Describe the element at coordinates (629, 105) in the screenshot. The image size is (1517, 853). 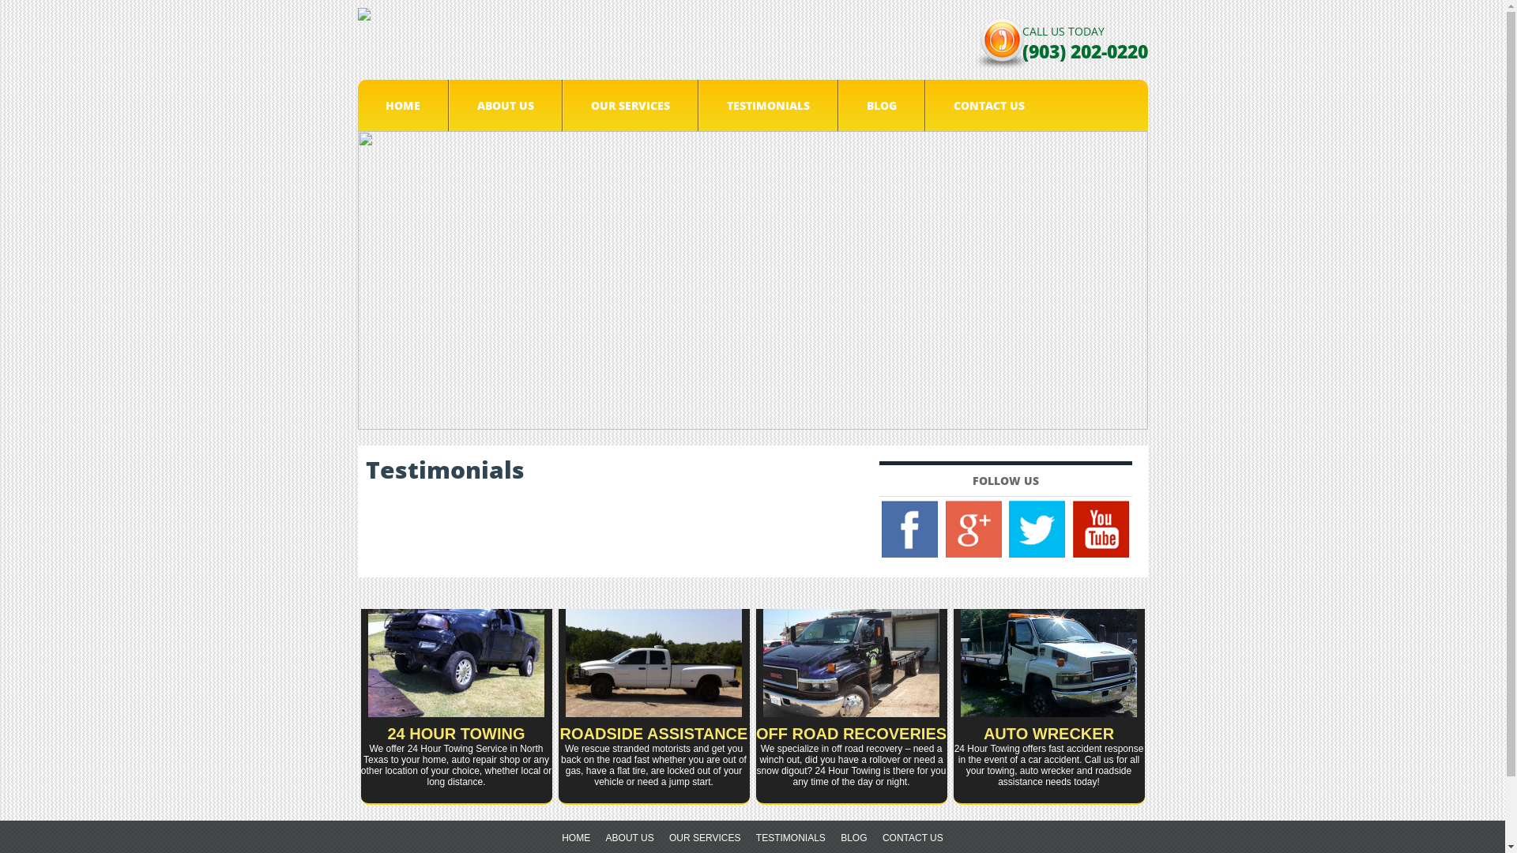
I see `'OUR SERVICES'` at that location.